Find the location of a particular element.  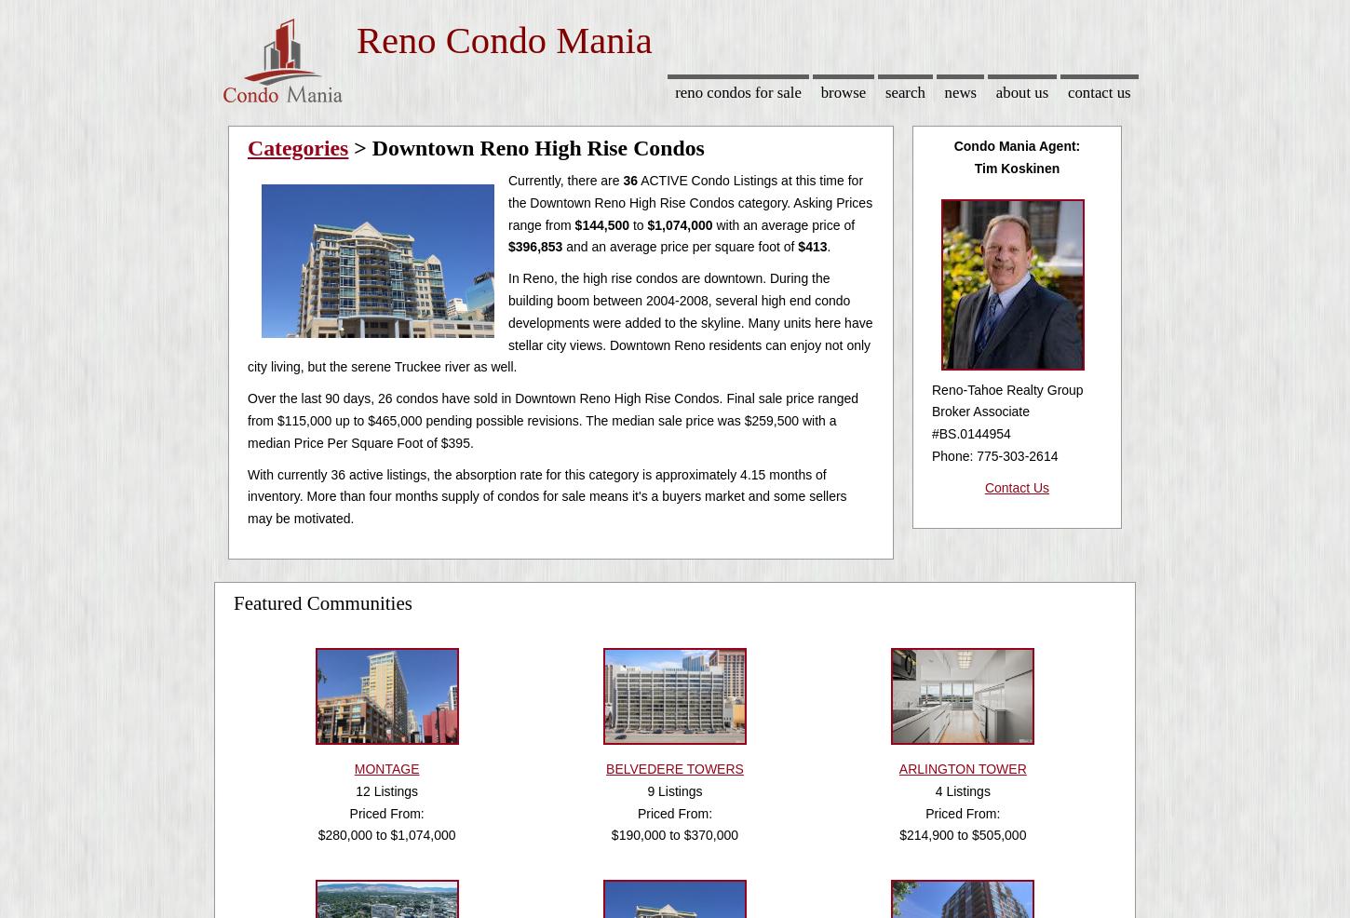

'Reno-Tahoe Realty Group' is located at coordinates (1006, 388).